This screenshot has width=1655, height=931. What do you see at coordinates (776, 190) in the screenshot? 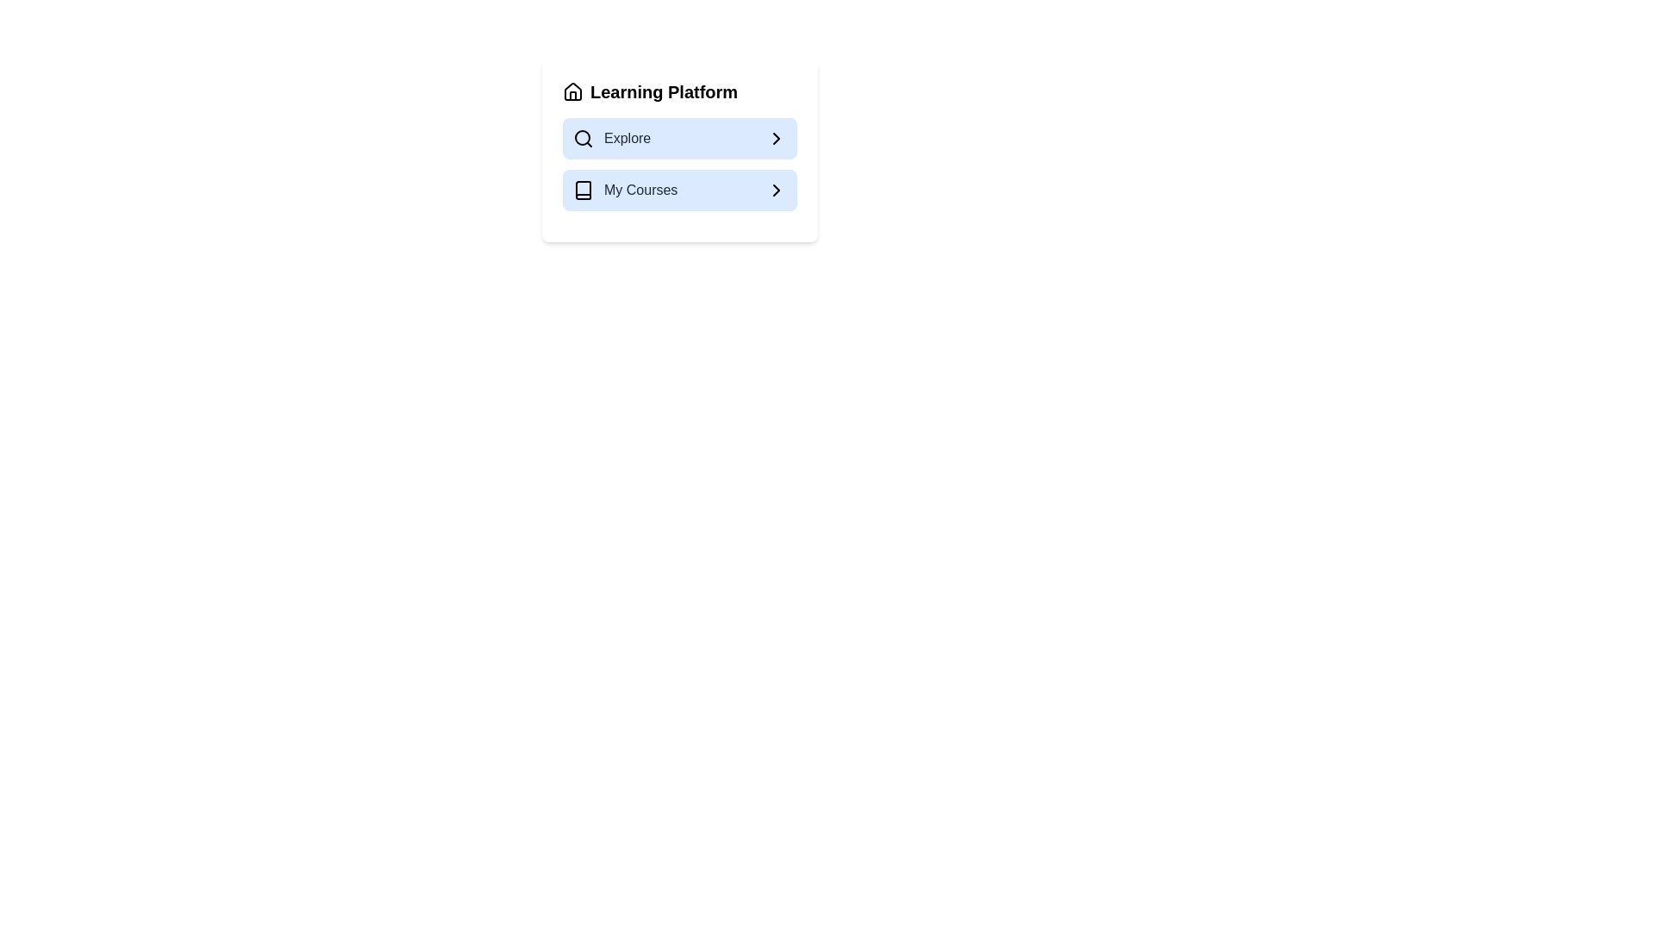
I see `the chevron pointer icon located at the far right of the 'My Courses' bar` at bounding box center [776, 190].